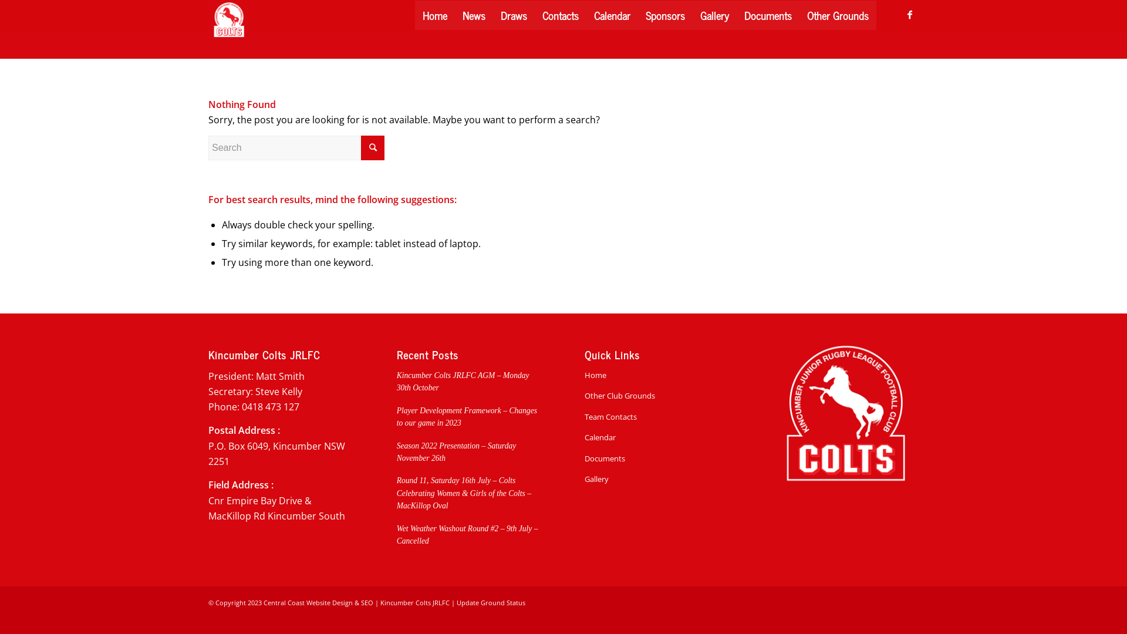 This screenshot has width=1127, height=634. Describe the element at coordinates (656, 416) in the screenshot. I see `'Team Contacts'` at that location.